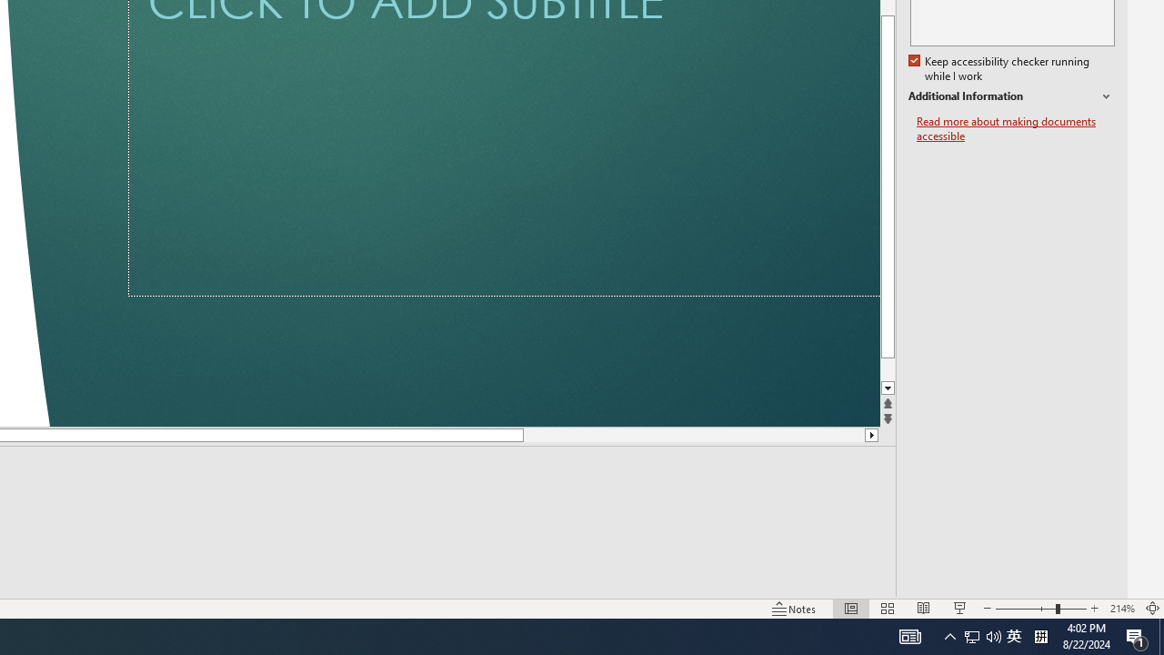 The height and width of the screenshot is (655, 1164). I want to click on 'Zoom 214%', so click(1121, 609).